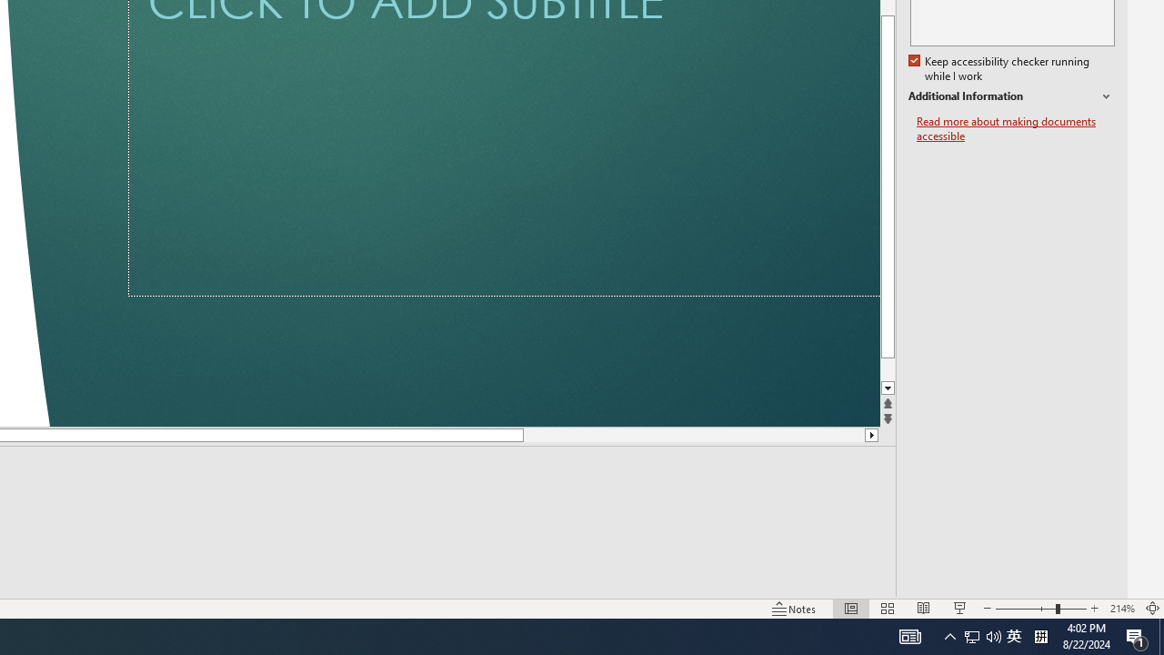 The height and width of the screenshot is (655, 1164). I want to click on 'Zoom 214%', so click(1121, 609).